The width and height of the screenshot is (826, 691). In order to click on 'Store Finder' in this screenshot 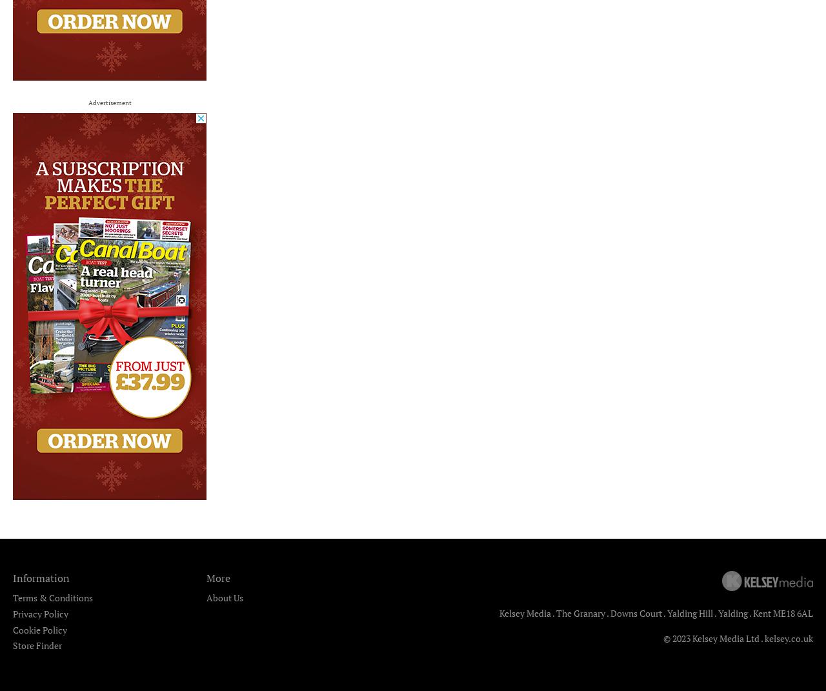, I will do `click(12, 645)`.